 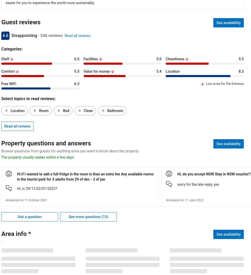 I want to click on 'Property questions and answers', so click(x=1, y=143).